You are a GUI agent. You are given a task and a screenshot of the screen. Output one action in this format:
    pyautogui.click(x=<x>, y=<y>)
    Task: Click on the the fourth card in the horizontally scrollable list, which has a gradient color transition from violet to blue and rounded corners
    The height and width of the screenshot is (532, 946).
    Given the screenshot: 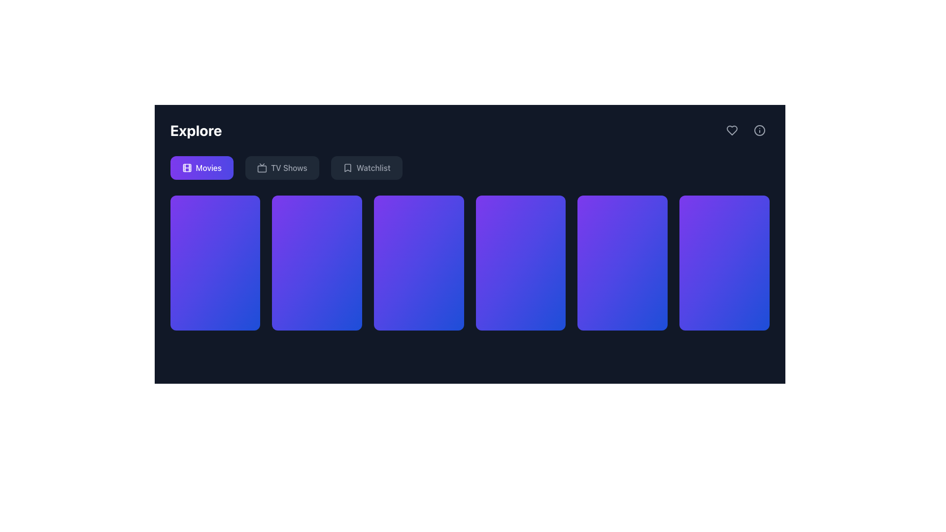 What is the action you would take?
    pyautogui.click(x=520, y=262)
    